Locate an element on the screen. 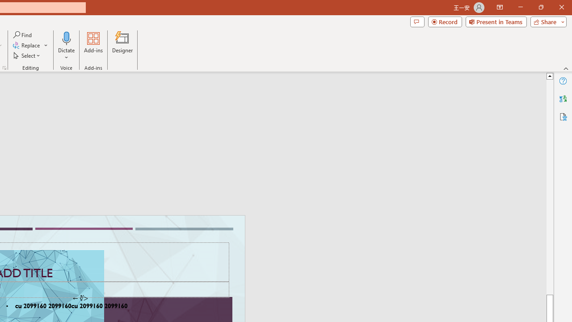  'Present in Teams' is located at coordinates (496, 21).